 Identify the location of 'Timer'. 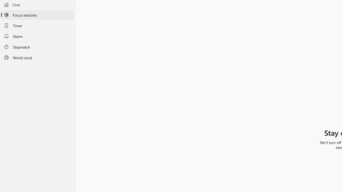
(37, 25).